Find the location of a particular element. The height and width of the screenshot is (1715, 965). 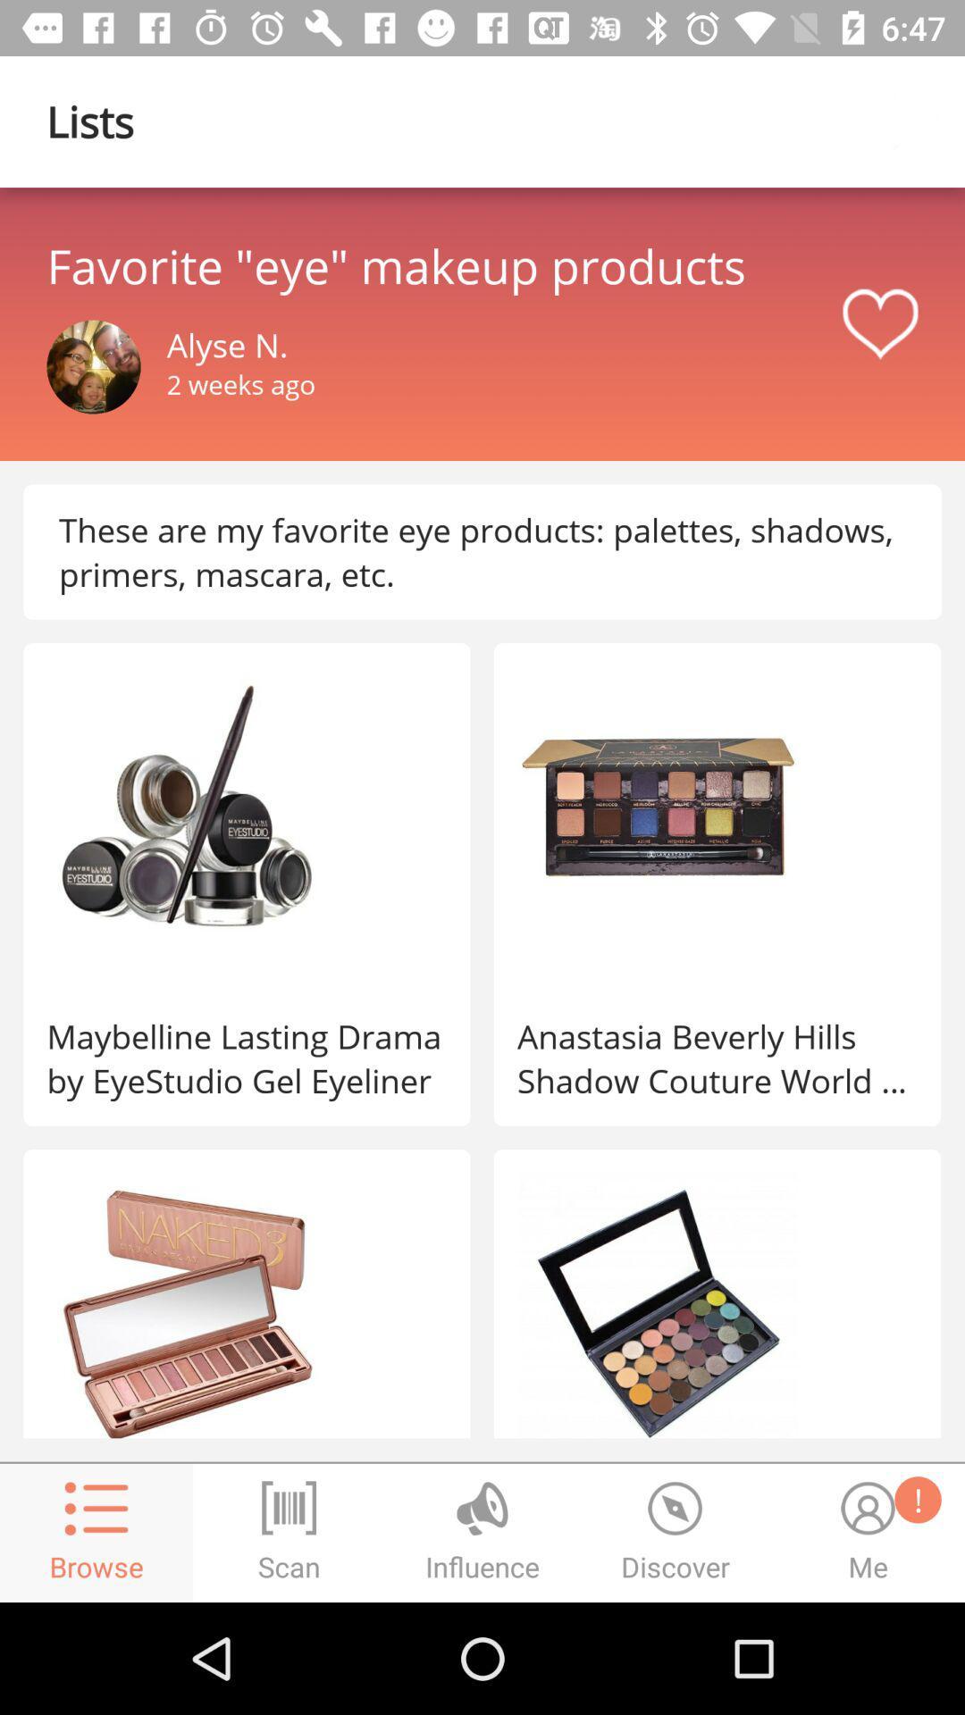

the favorite icon is located at coordinates (879, 324).